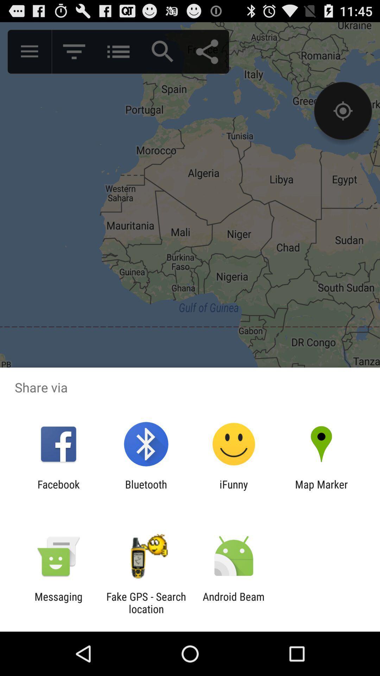 The width and height of the screenshot is (380, 676). Describe the element at coordinates (234, 490) in the screenshot. I see `the item next to map marker` at that location.